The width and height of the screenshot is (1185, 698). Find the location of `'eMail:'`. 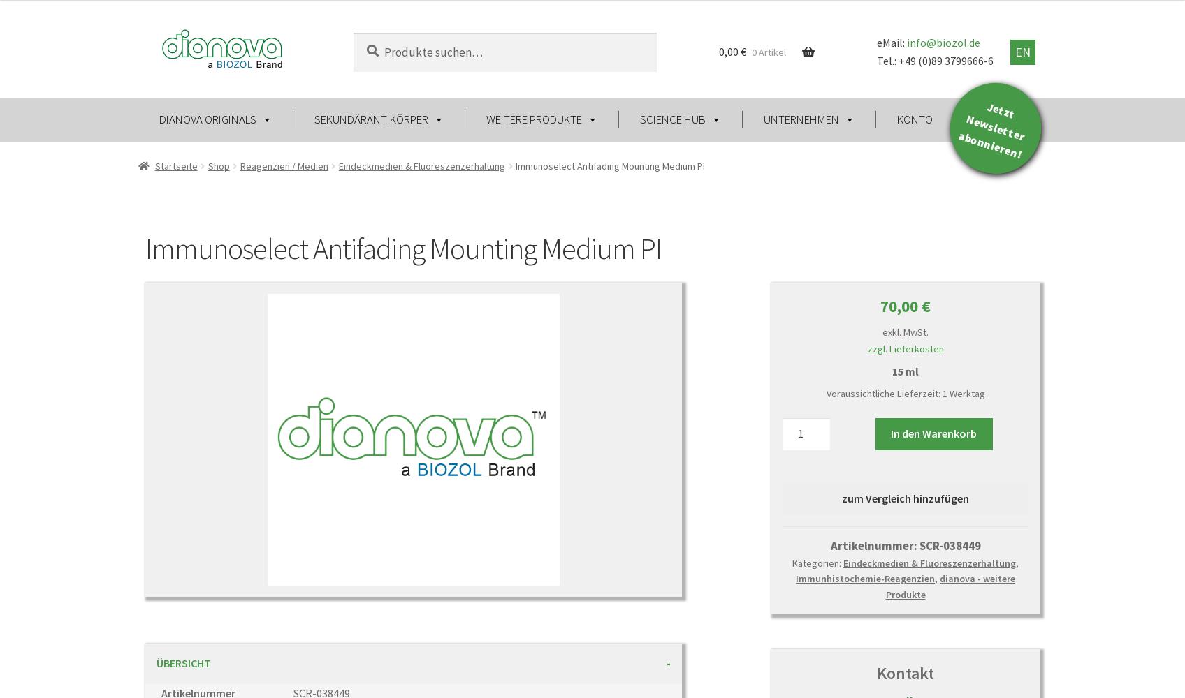

'eMail:' is located at coordinates (892, 42).